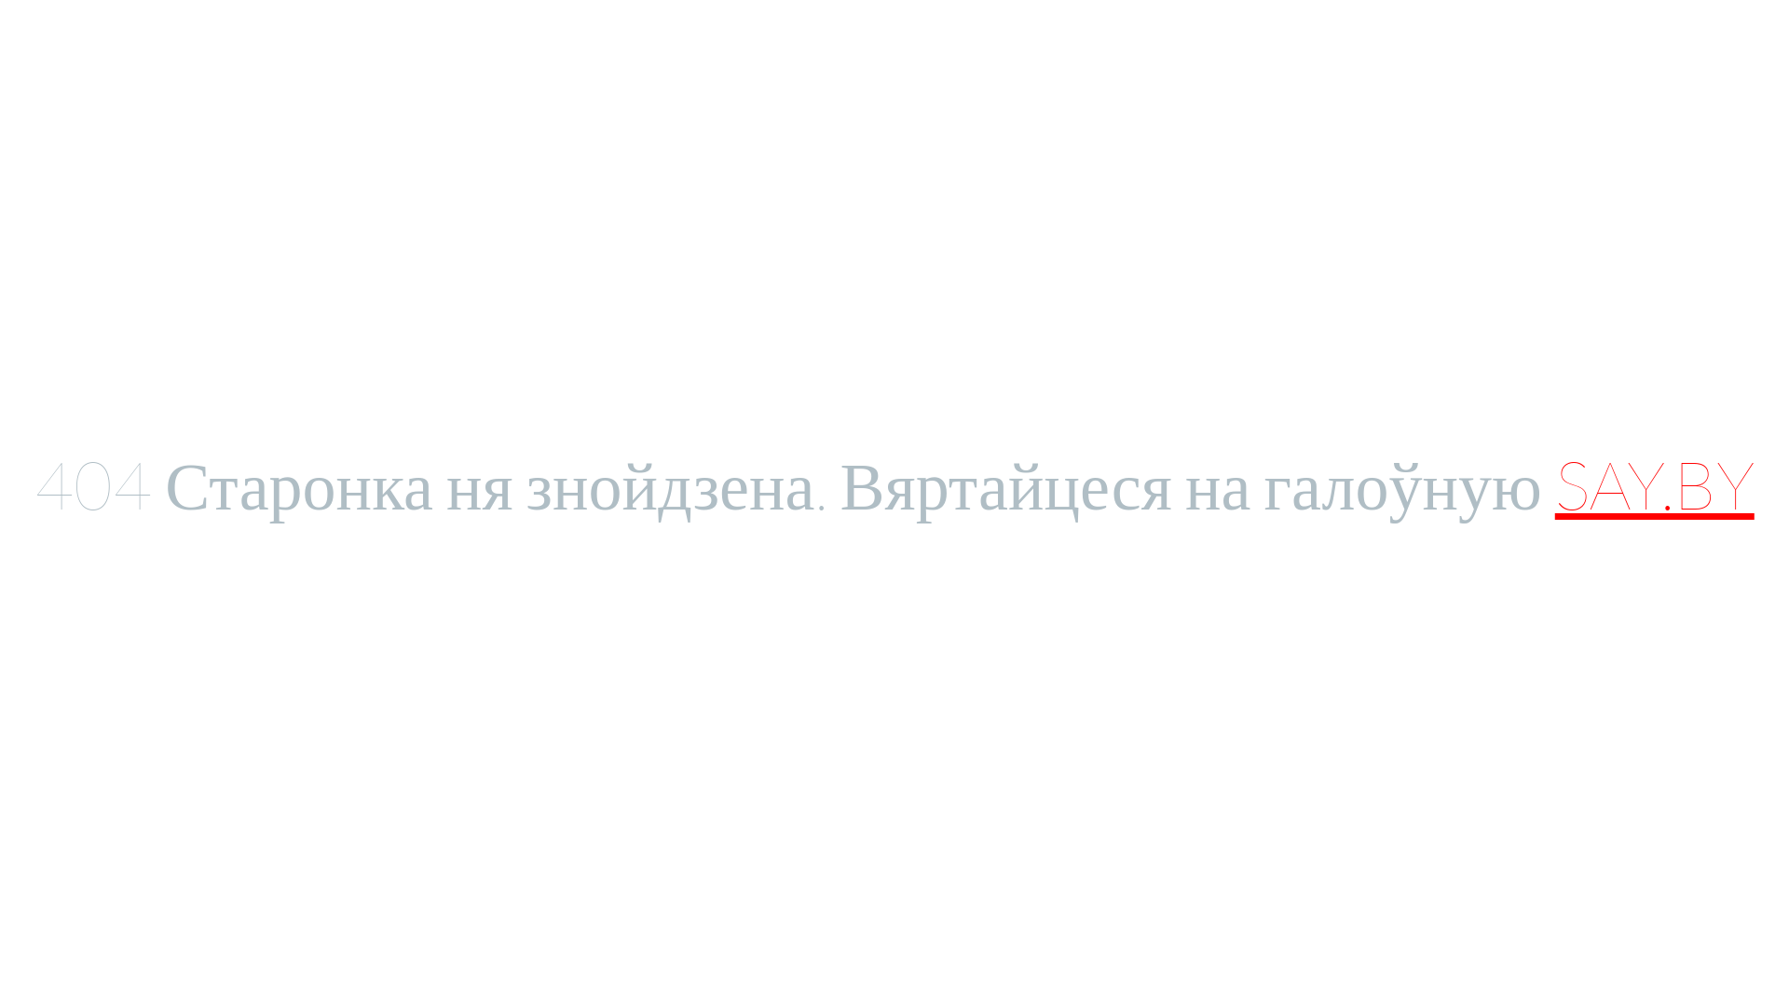 The height and width of the screenshot is (1006, 1789). Describe the element at coordinates (1555, 483) in the screenshot. I see `'SAY.BY'` at that location.